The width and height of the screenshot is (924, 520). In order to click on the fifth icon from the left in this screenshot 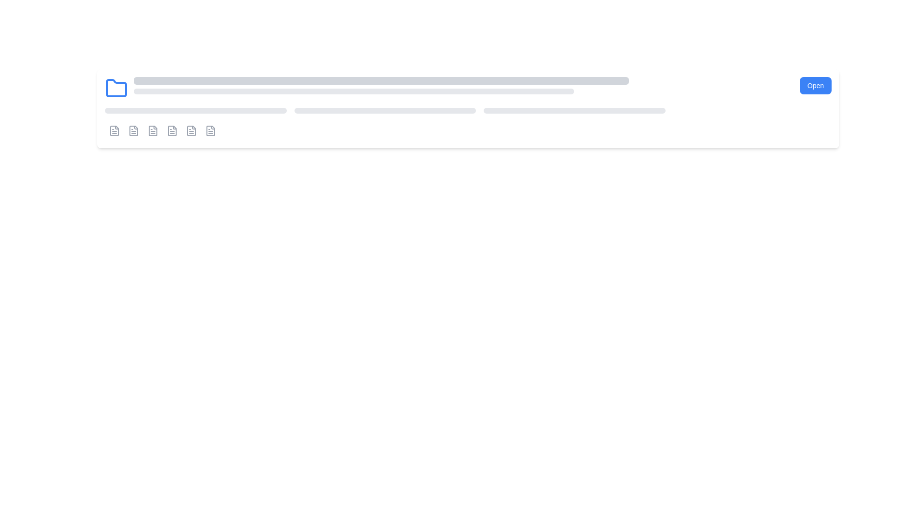, I will do `click(172, 131)`.